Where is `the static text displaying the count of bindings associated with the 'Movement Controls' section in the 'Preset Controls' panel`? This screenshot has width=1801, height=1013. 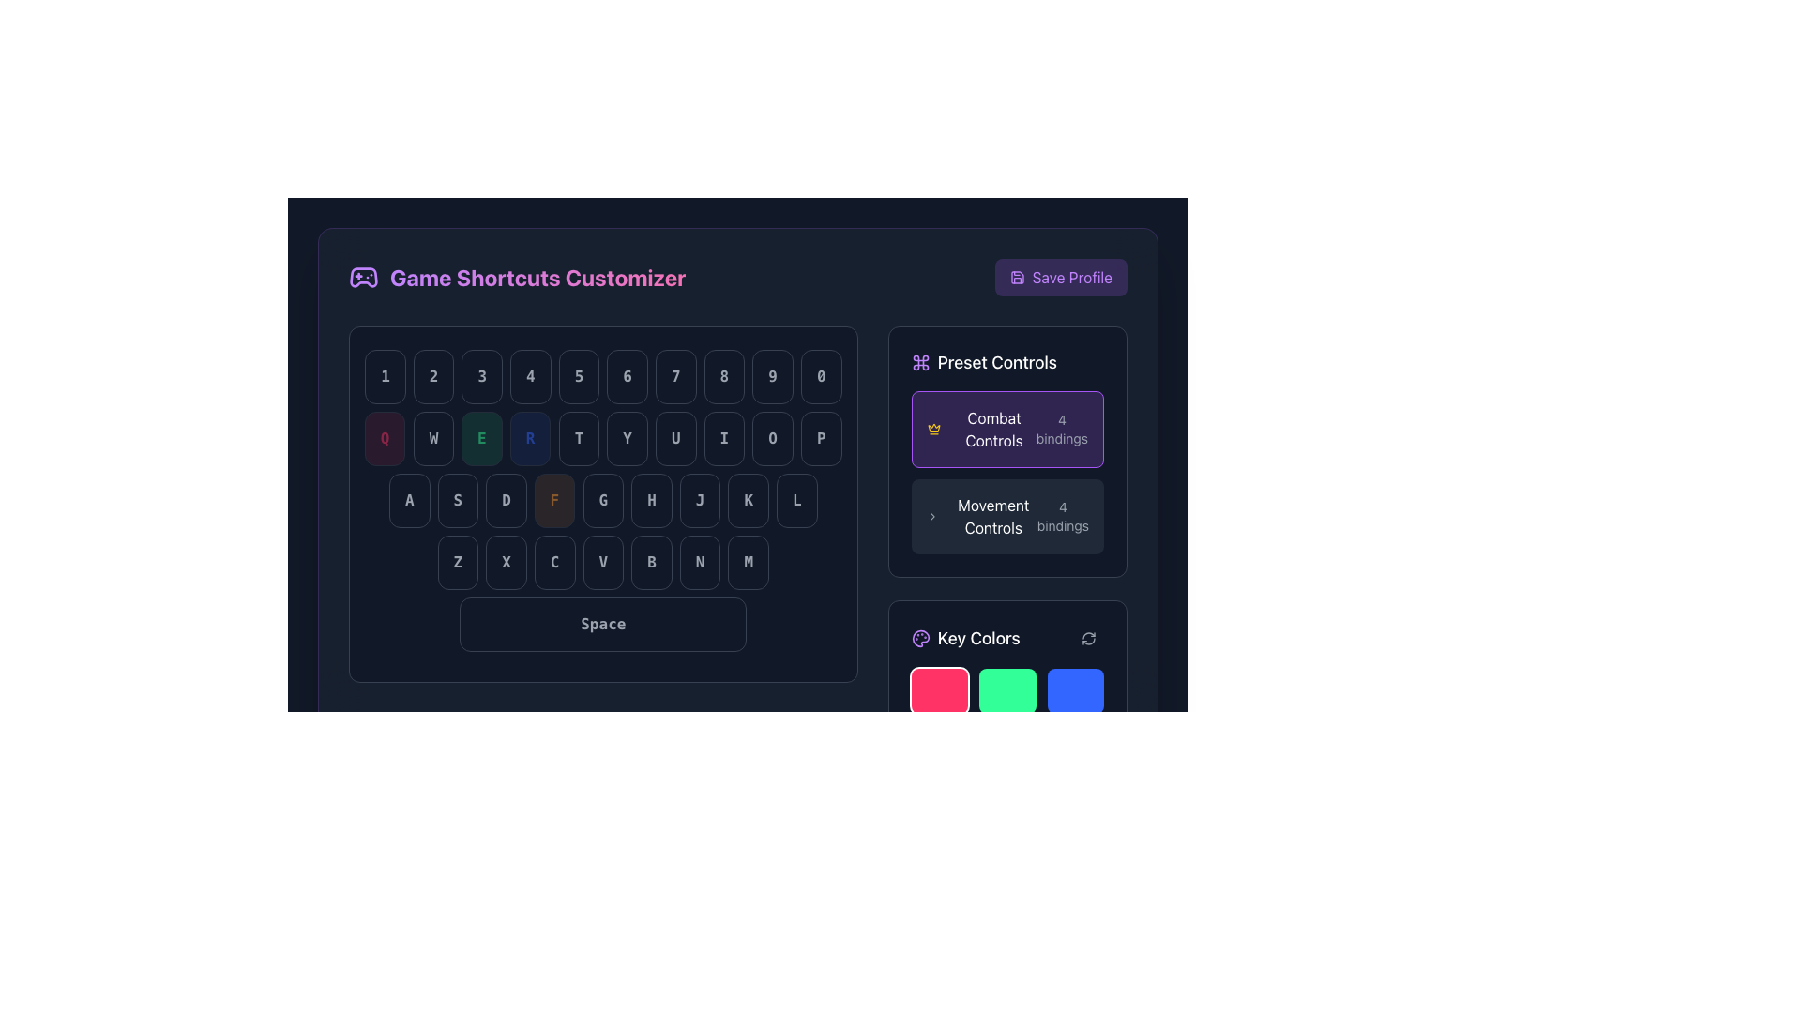
the static text displaying the count of bindings associated with the 'Movement Controls' section in the 'Preset Controls' panel is located at coordinates (1063, 517).